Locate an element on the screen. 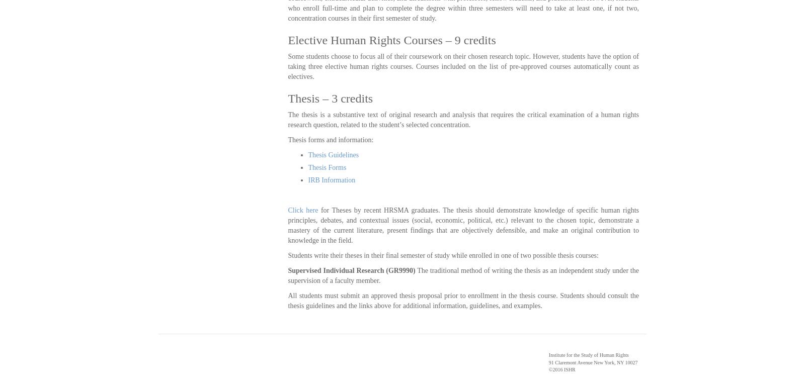 The width and height of the screenshot is (805, 391). 'The thesis is a substantive text of original research and analysis that requires the critical examination of a human rights research question, related to the student’s selected concentration.' is located at coordinates (462, 119).